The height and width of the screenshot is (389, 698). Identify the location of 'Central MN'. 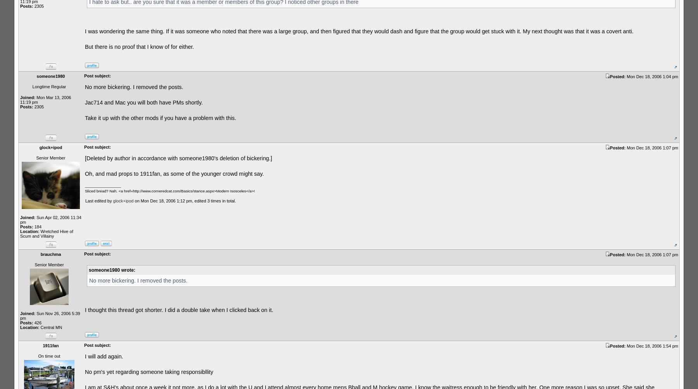
(50, 327).